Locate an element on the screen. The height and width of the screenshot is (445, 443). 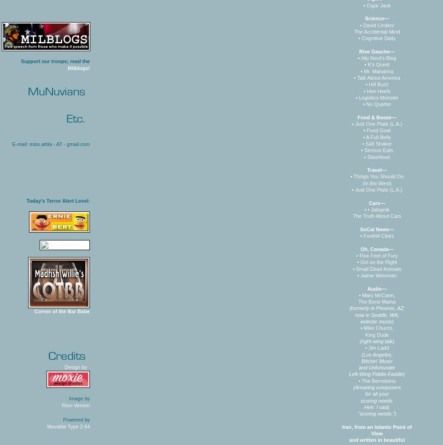
'The Truth About Cars' is located at coordinates (377, 216).